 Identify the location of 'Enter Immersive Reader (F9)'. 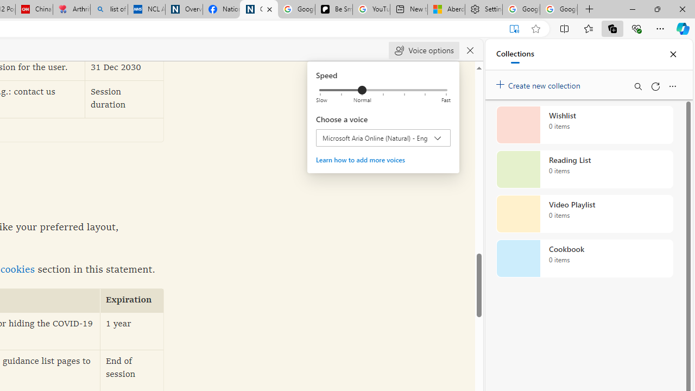
(513, 28).